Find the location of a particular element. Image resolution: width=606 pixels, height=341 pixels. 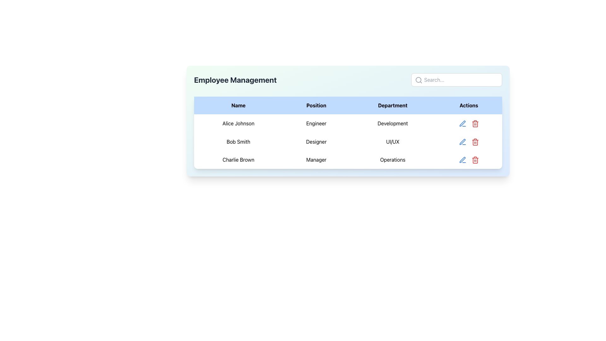

the delete icon located in the 'Actions' column of the second row associated with employee 'Bob Smith' is located at coordinates (475, 141).